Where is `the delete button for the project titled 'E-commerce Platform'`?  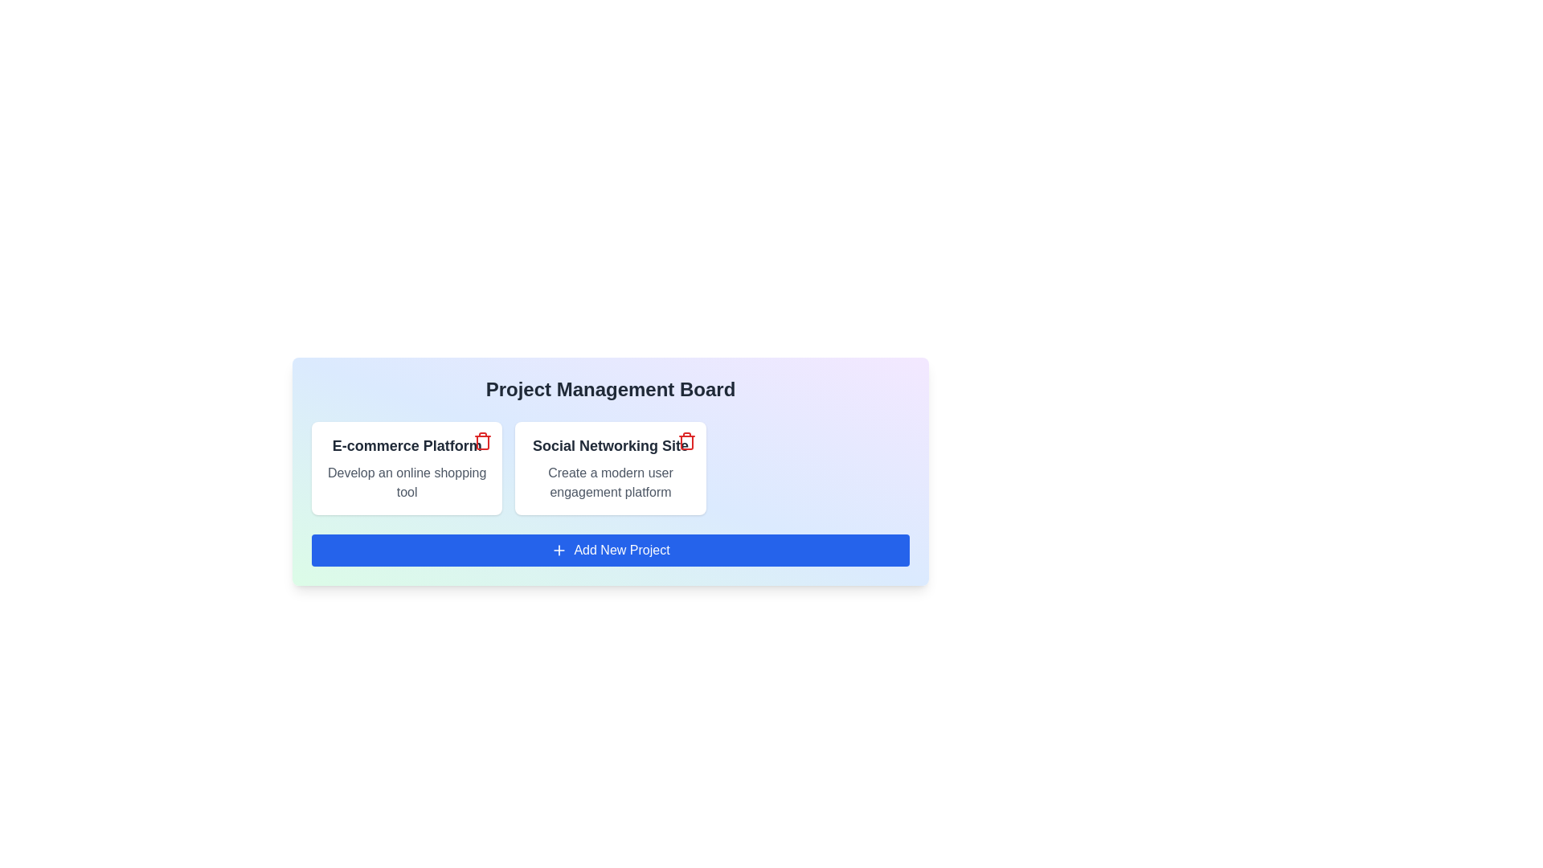
the delete button for the project titled 'E-commerce Platform' is located at coordinates (482, 440).